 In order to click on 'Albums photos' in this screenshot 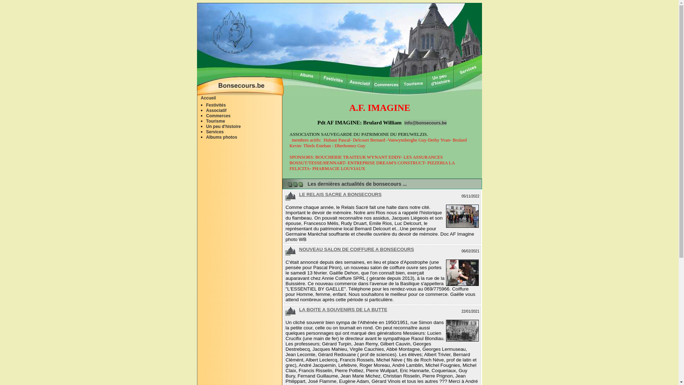, I will do `click(221, 137)`.